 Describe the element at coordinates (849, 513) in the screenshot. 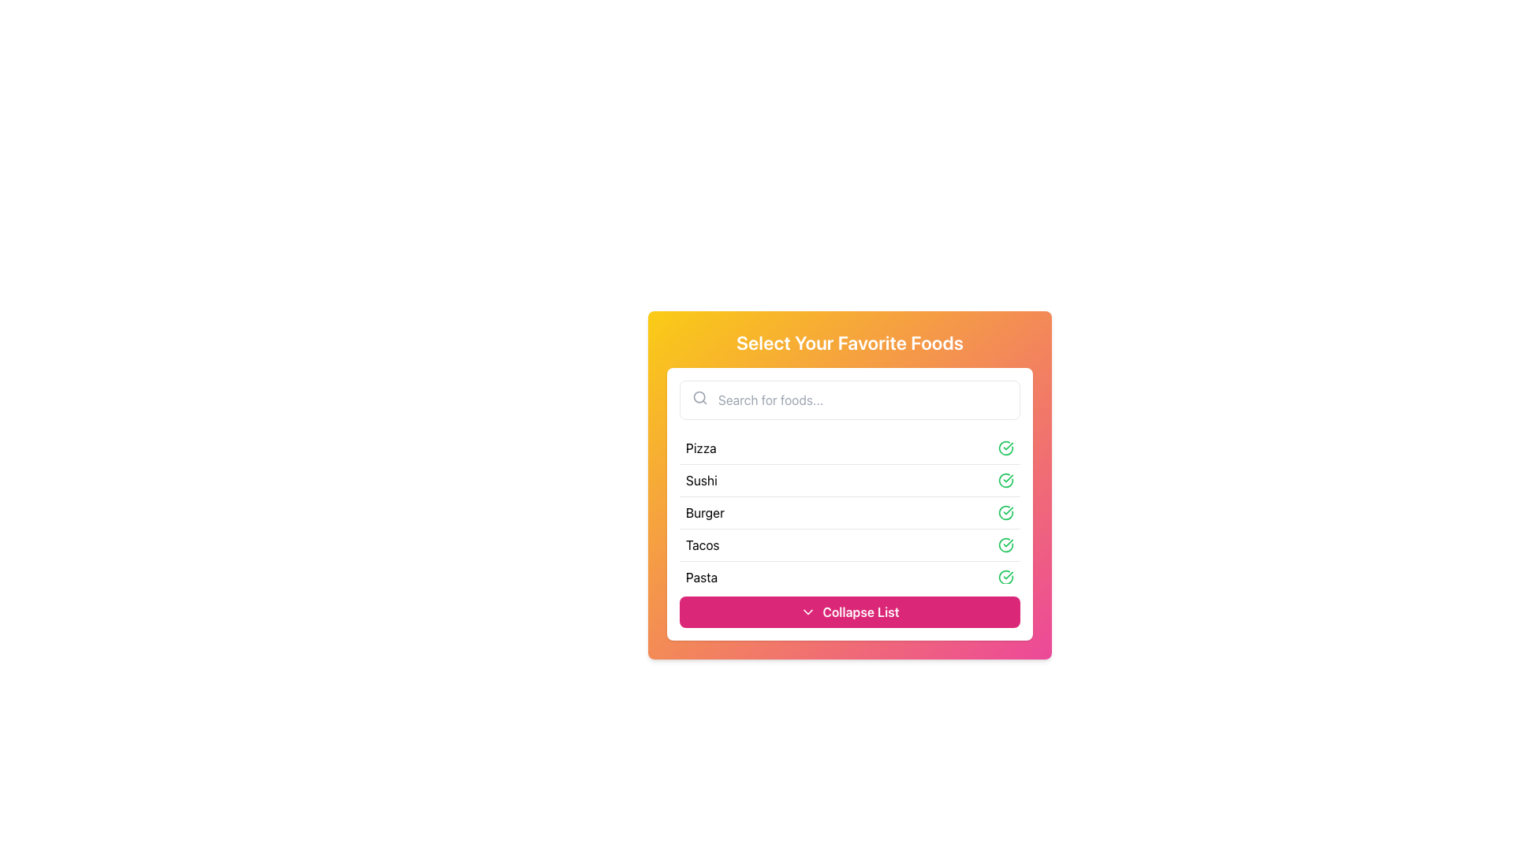

I see `the selectable list item indicating the option 'Burger', which is the third option in the list of food items, and is currently selected as indicated by the checkmark` at that location.